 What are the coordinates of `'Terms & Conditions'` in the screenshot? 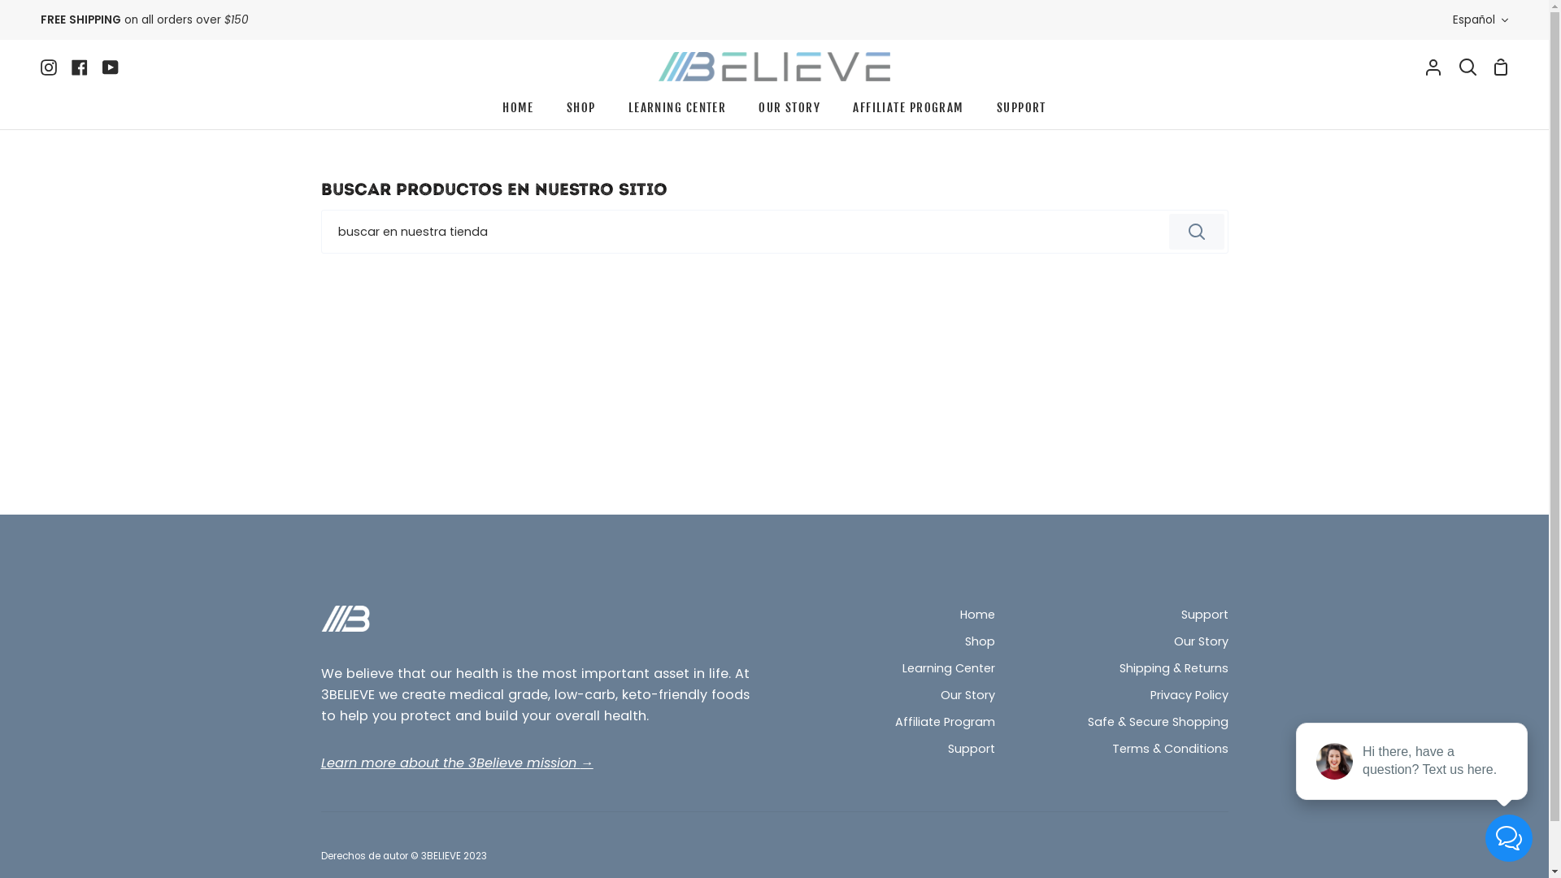 It's located at (1169, 750).